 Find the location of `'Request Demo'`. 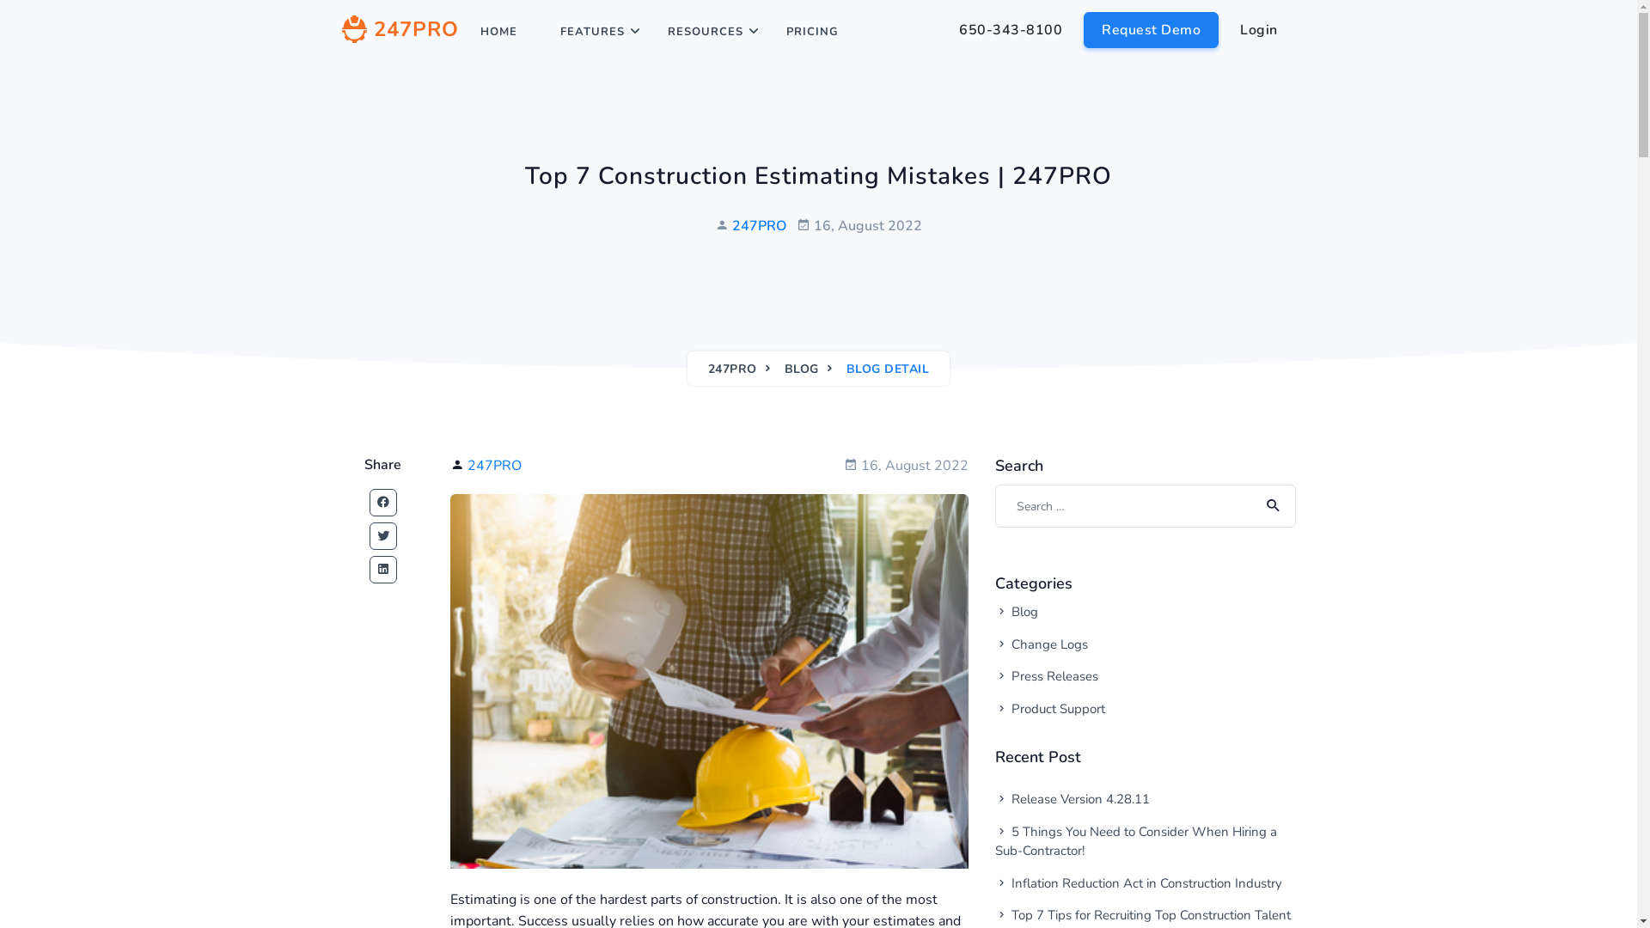

'Request Demo' is located at coordinates (1151, 29).